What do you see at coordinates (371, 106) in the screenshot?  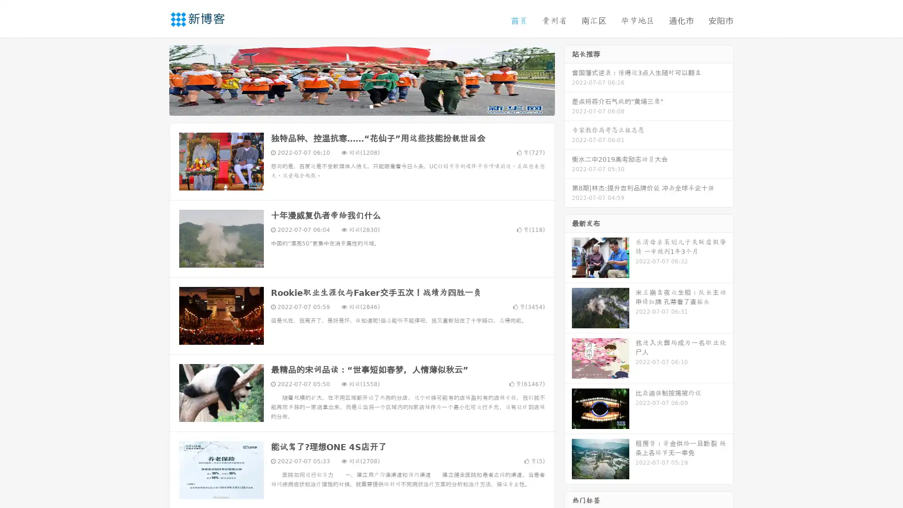 I see `Go to slide 3` at bounding box center [371, 106].